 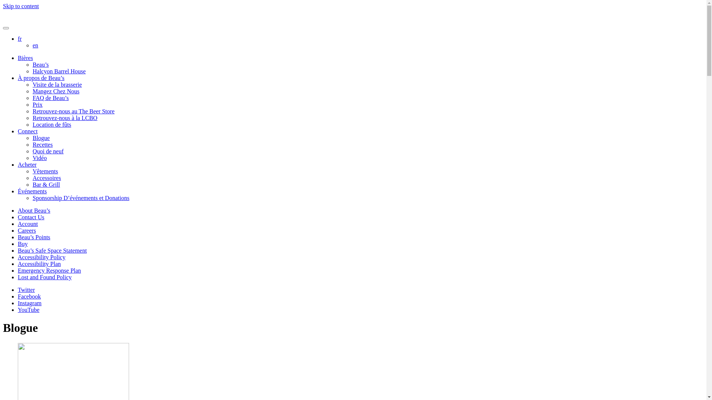 I want to click on 'Skip to content', so click(x=21, y=6).